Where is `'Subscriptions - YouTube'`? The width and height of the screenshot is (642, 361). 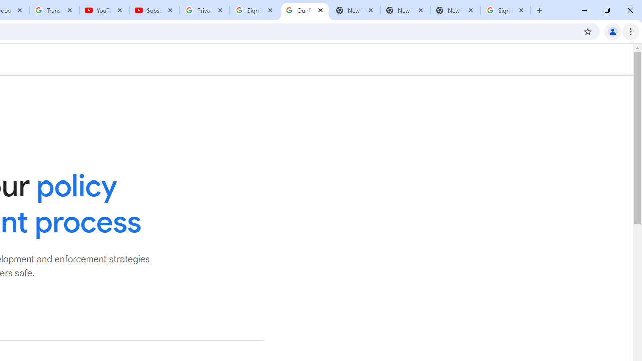
'Subscriptions - YouTube' is located at coordinates (154, 10).